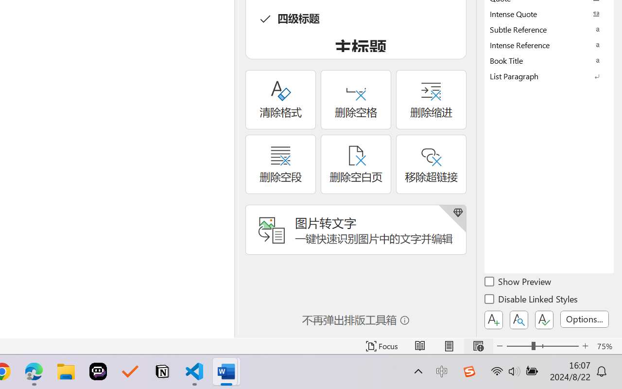  Describe the element at coordinates (518, 283) in the screenshot. I see `'Show Preview'` at that location.